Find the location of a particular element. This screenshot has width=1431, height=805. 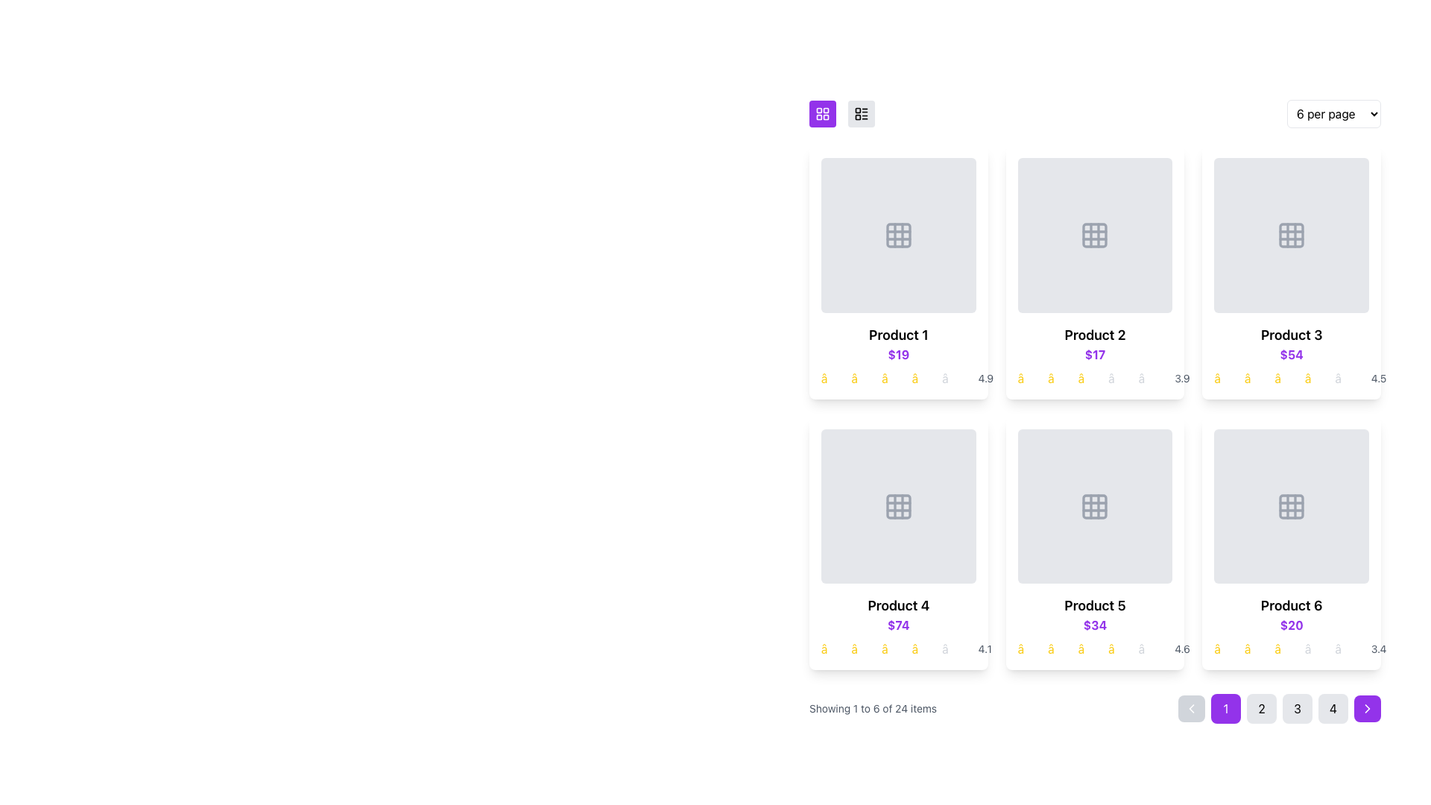

text label displaying the rating '4.6', which is positioned at the far right of the star icons in the rating component of the fifth product card is located at coordinates (1181, 648).